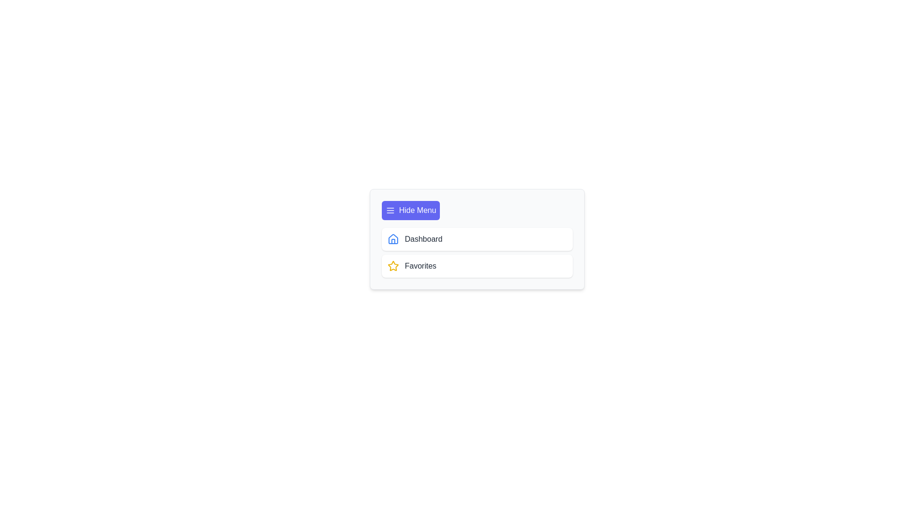 This screenshot has height=518, width=921. What do you see at coordinates (477, 266) in the screenshot?
I see `the menu item Favorites` at bounding box center [477, 266].